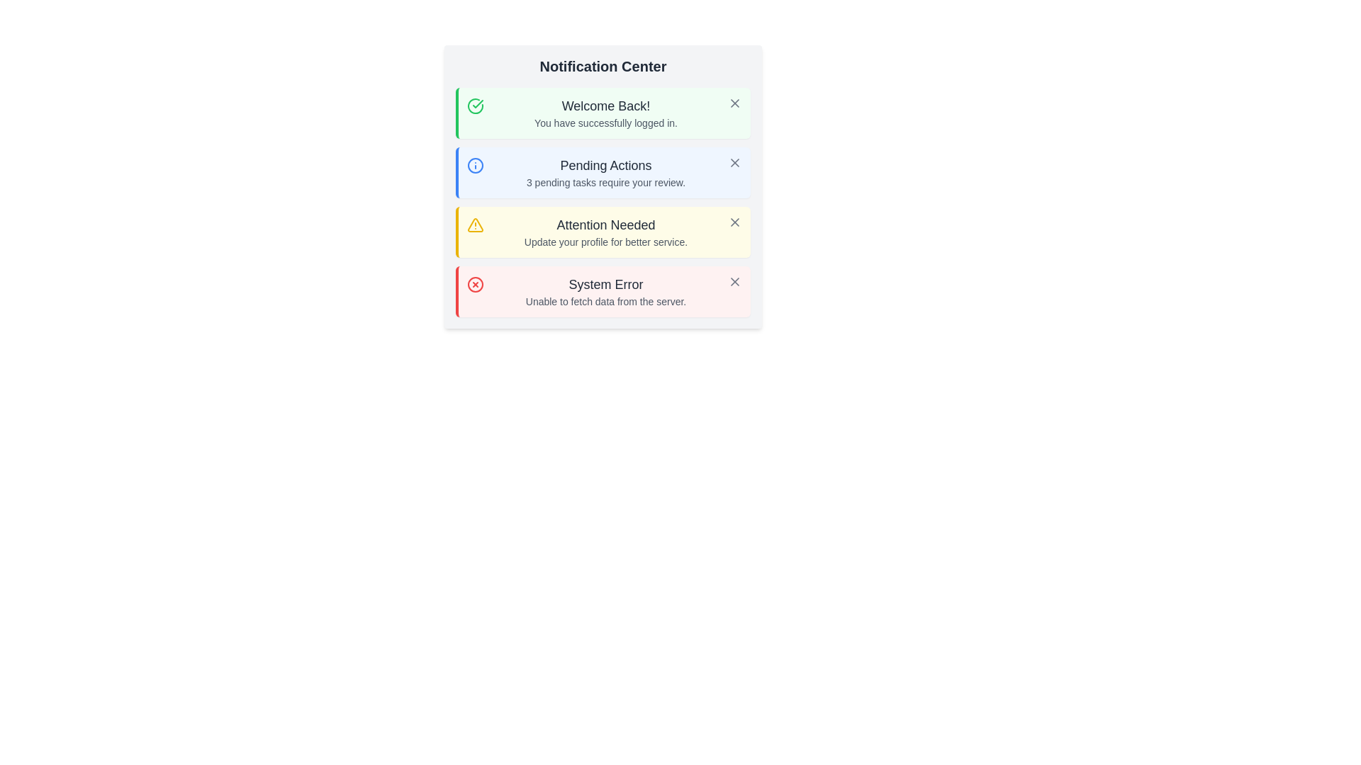 The image size is (1361, 765). What do you see at coordinates (476, 106) in the screenshot?
I see `the circular icon with a green outline and a checkmark inside, located at the top left corner of the 'Welcome Back!' notification box` at bounding box center [476, 106].